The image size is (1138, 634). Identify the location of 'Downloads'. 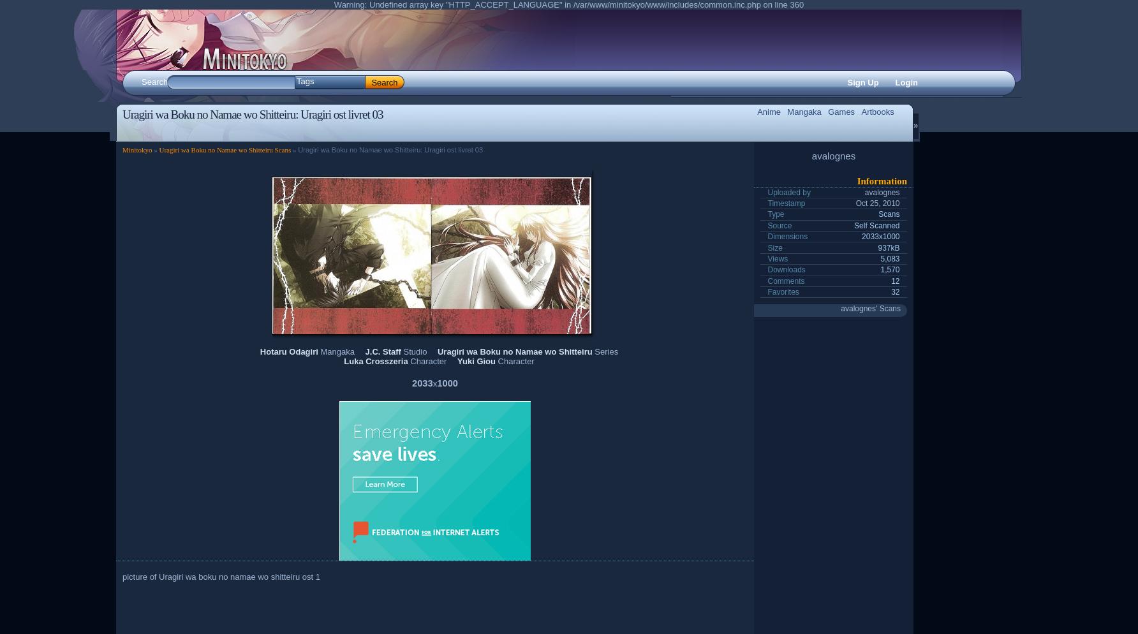
(767, 269).